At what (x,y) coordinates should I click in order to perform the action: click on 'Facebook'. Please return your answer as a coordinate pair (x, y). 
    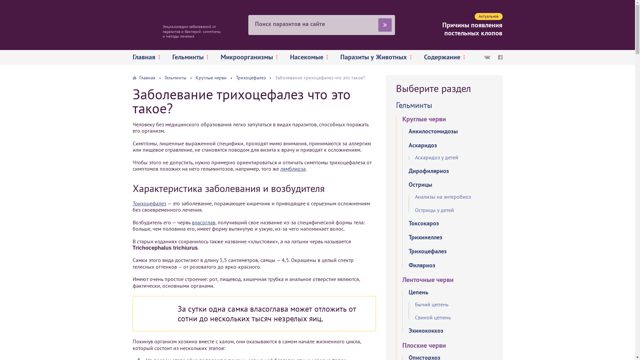
    Looking at the image, I should click on (500, 57).